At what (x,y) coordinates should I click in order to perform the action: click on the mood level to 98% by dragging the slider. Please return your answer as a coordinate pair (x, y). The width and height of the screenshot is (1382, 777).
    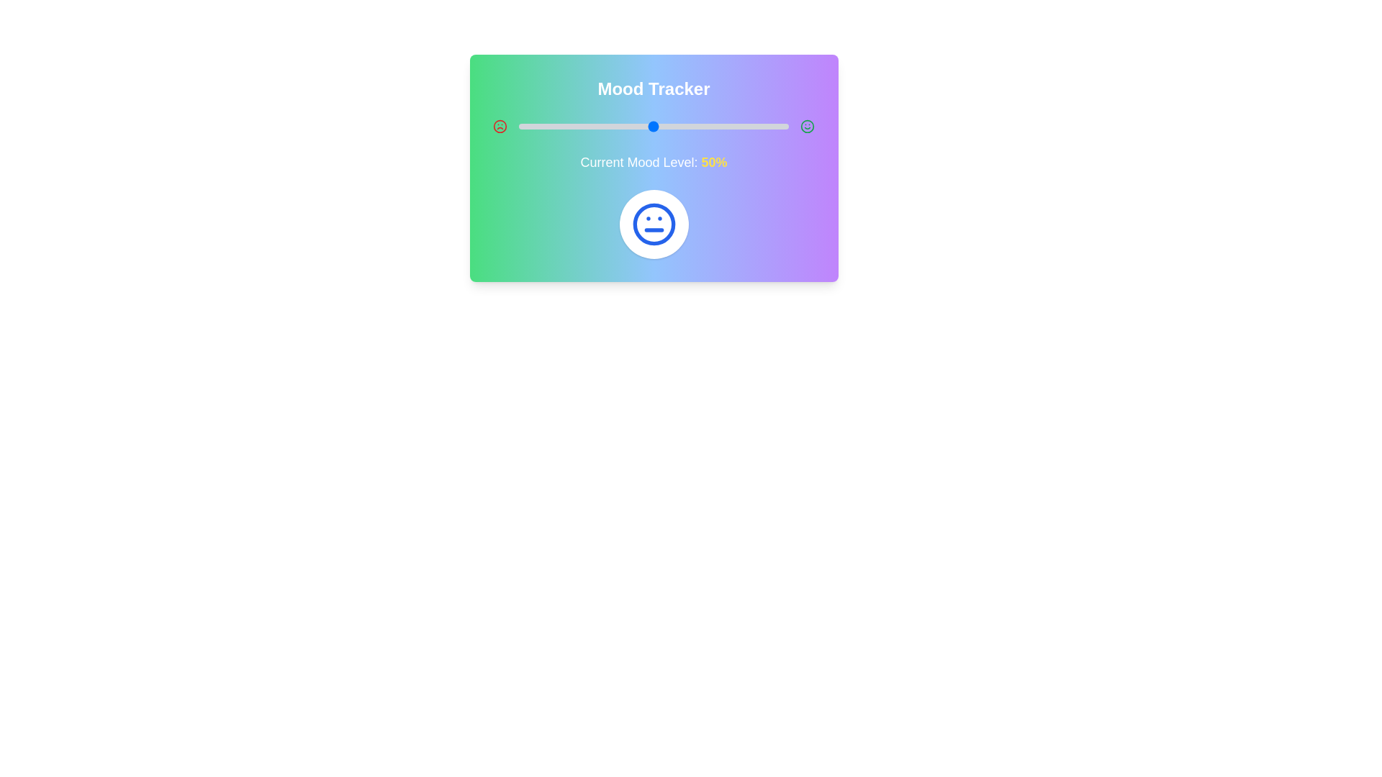
    Looking at the image, I should click on (782, 126).